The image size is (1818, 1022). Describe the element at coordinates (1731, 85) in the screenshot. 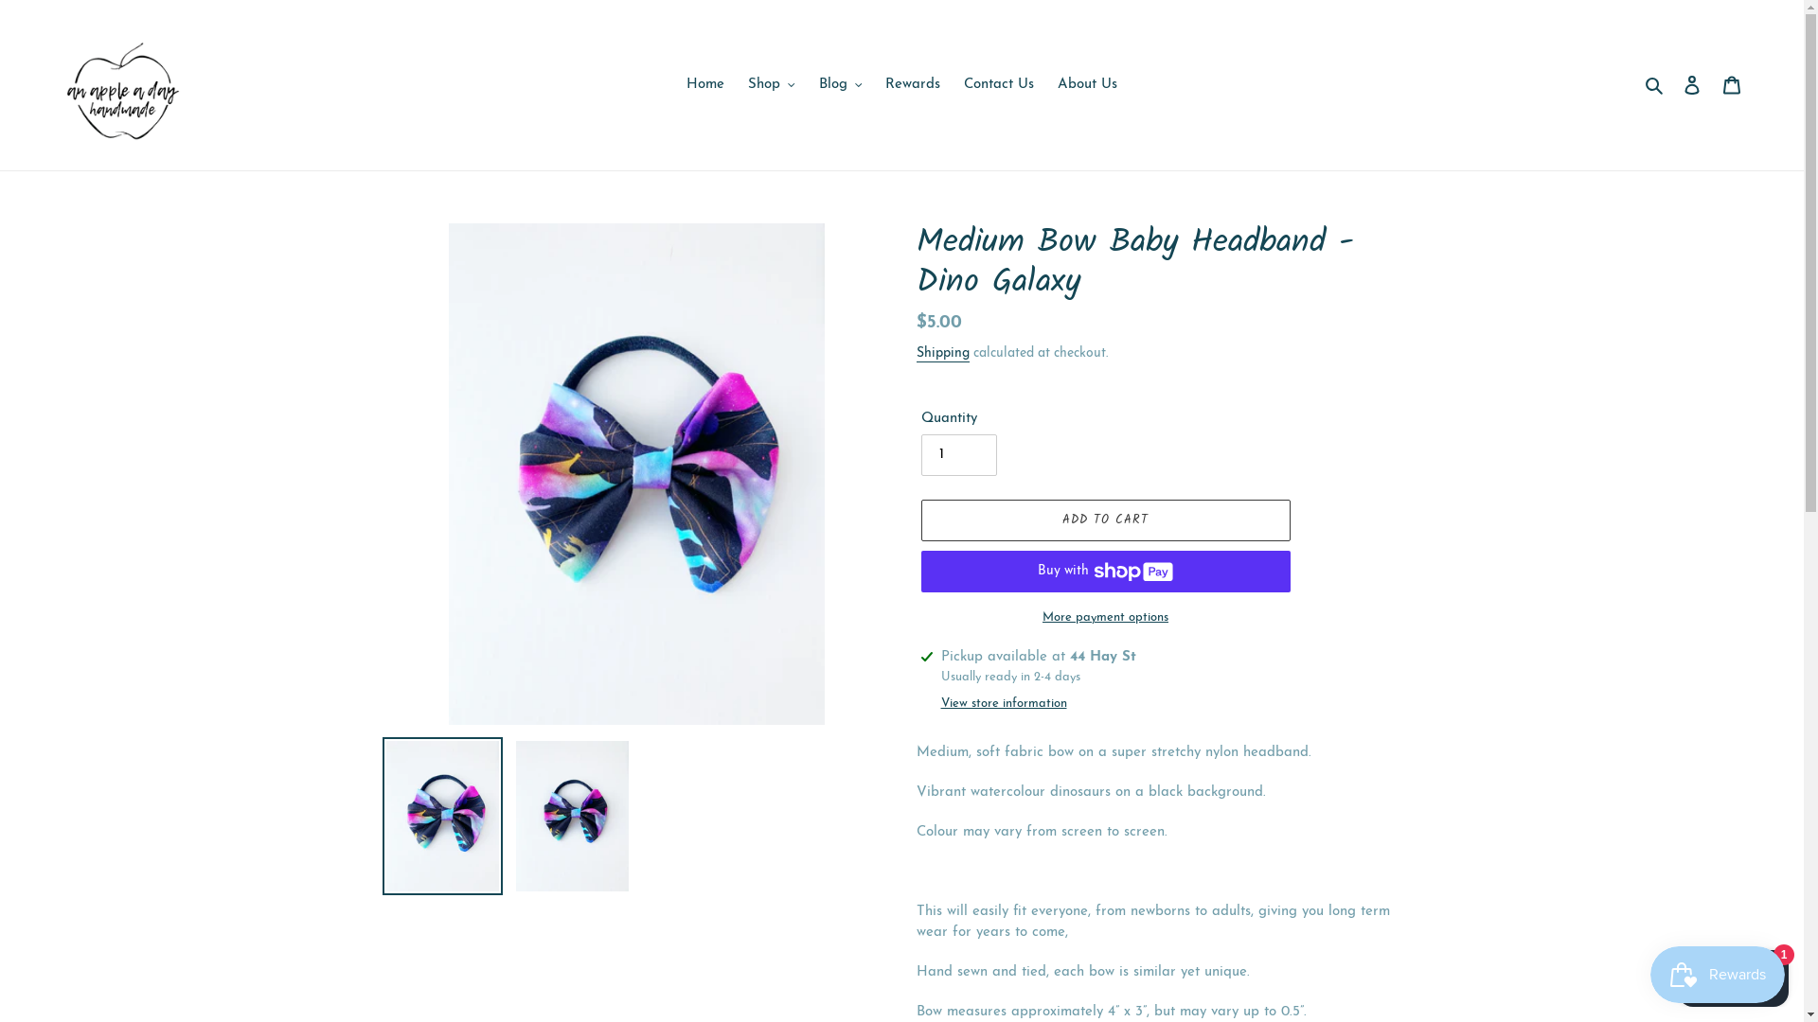

I see `'Cart'` at that location.